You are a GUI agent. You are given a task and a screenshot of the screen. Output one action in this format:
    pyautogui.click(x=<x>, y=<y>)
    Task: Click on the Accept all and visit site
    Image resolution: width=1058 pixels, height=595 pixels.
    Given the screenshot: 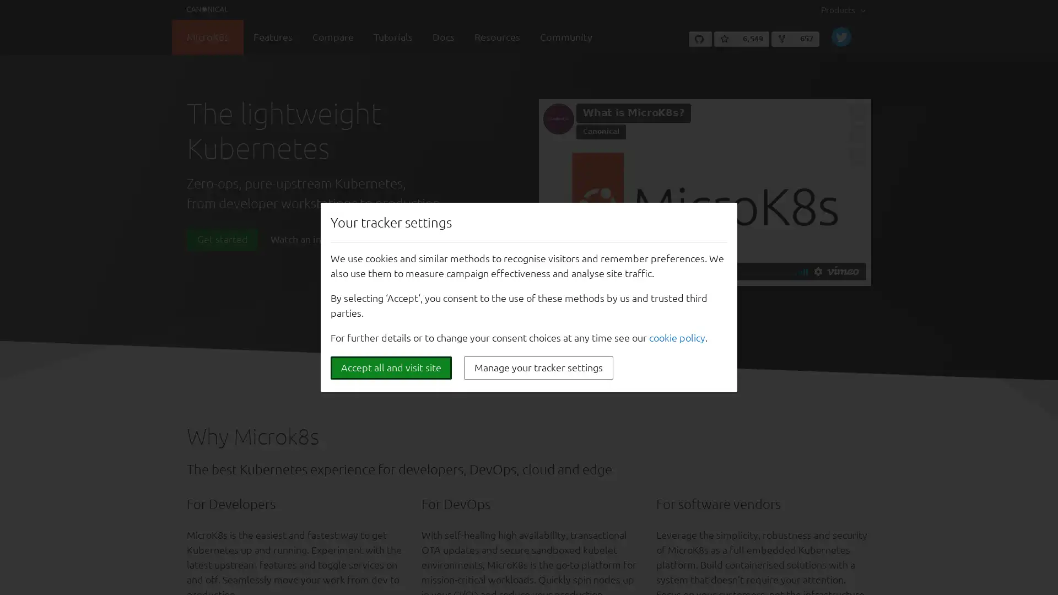 What is the action you would take?
    pyautogui.click(x=391, y=367)
    